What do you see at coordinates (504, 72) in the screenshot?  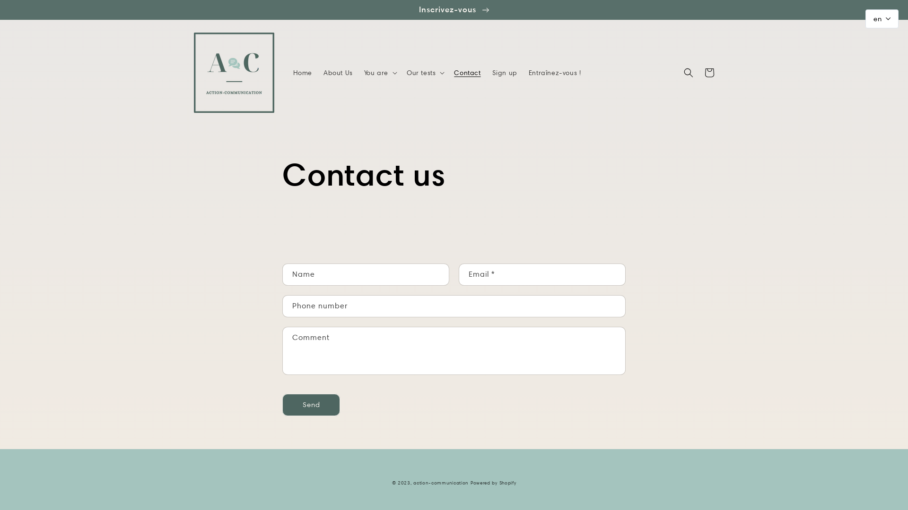 I see `'Sign up'` at bounding box center [504, 72].